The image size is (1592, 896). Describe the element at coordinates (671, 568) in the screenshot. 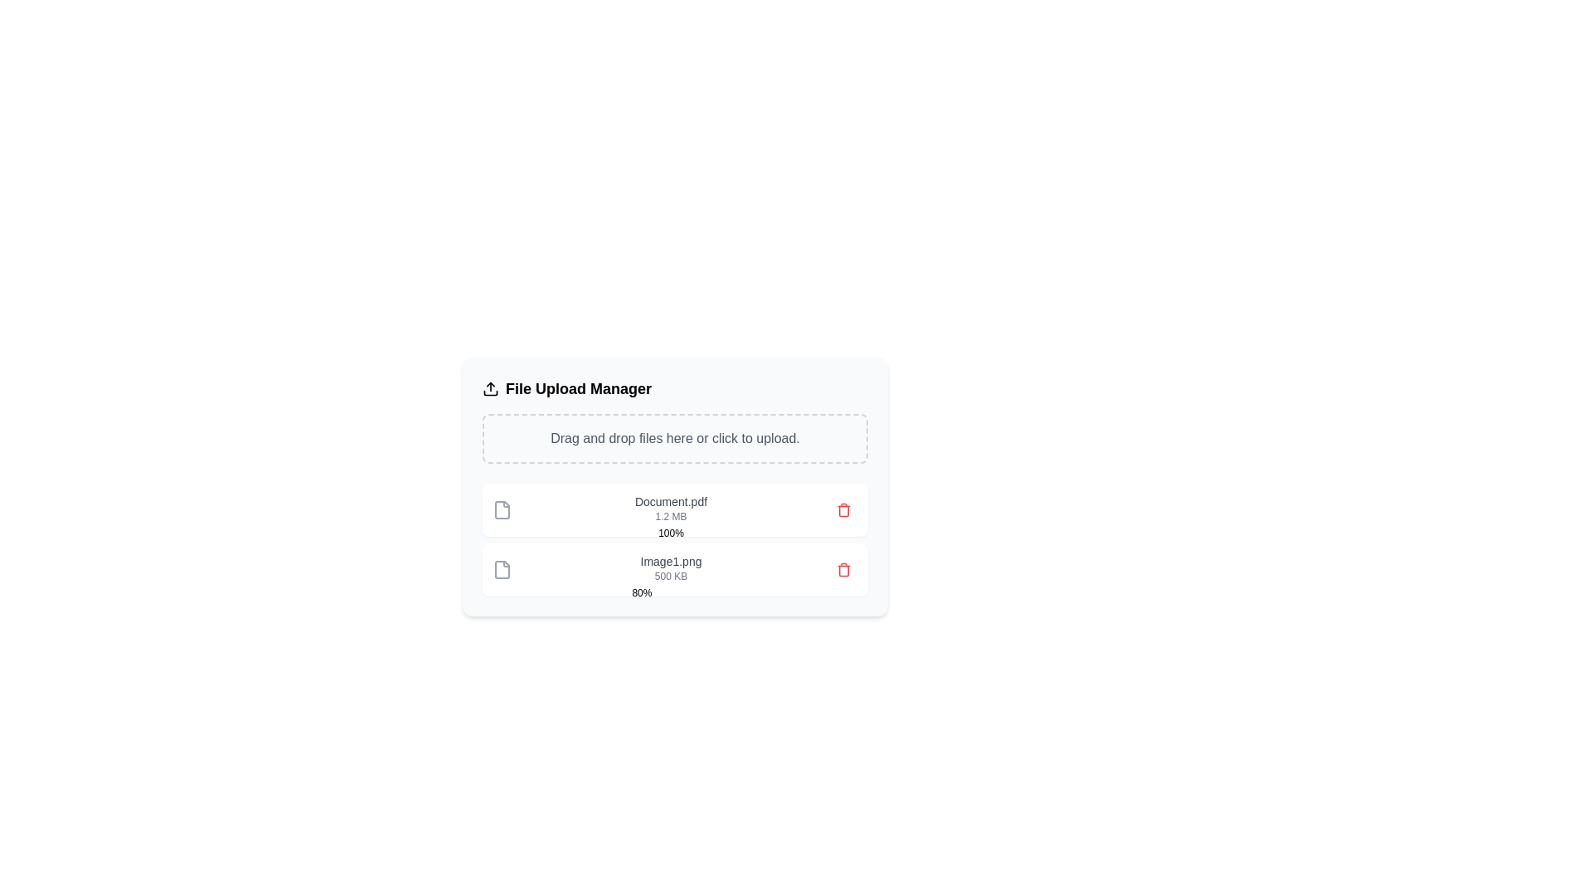

I see `the file entry for 'Image1.png' in the 'File Upload Manager'` at that location.